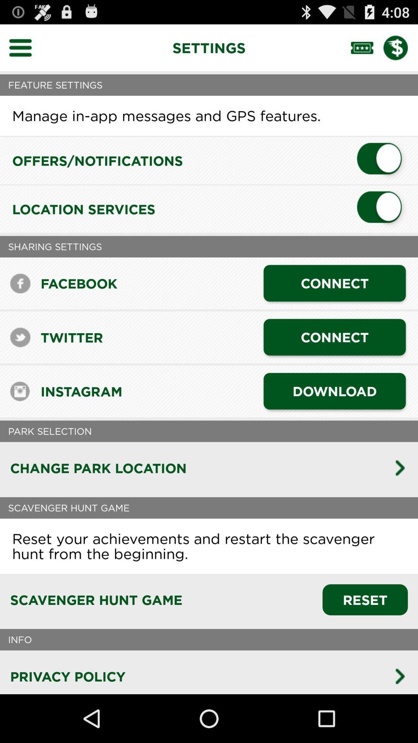 Image resolution: width=418 pixels, height=743 pixels. I want to click on the download icon, so click(334, 391).